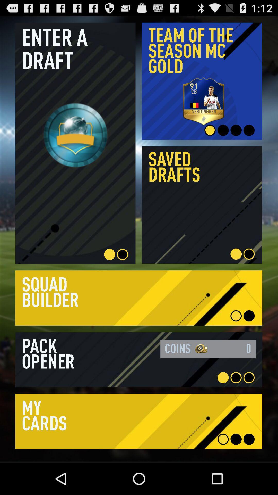 This screenshot has height=495, width=278. What do you see at coordinates (138, 421) in the screenshot?
I see `my cards` at bounding box center [138, 421].